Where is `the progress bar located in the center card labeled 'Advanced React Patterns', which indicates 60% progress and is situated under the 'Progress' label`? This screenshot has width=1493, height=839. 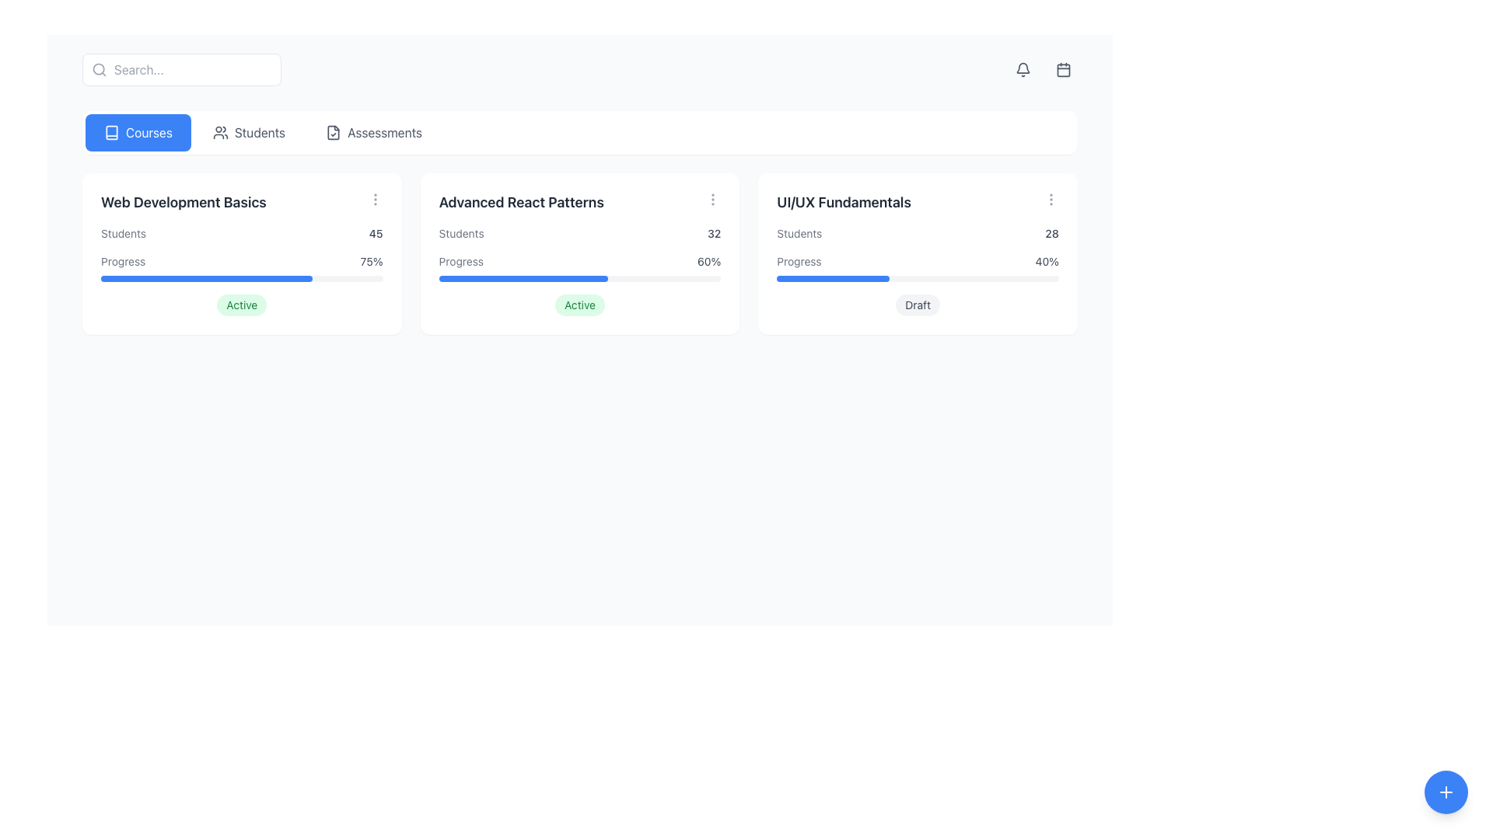 the progress bar located in the center card labeled 'Advanced React Patterns', which indicates 60% progress and is situated under the 'Progress' label is located at coordinates (579, 277).